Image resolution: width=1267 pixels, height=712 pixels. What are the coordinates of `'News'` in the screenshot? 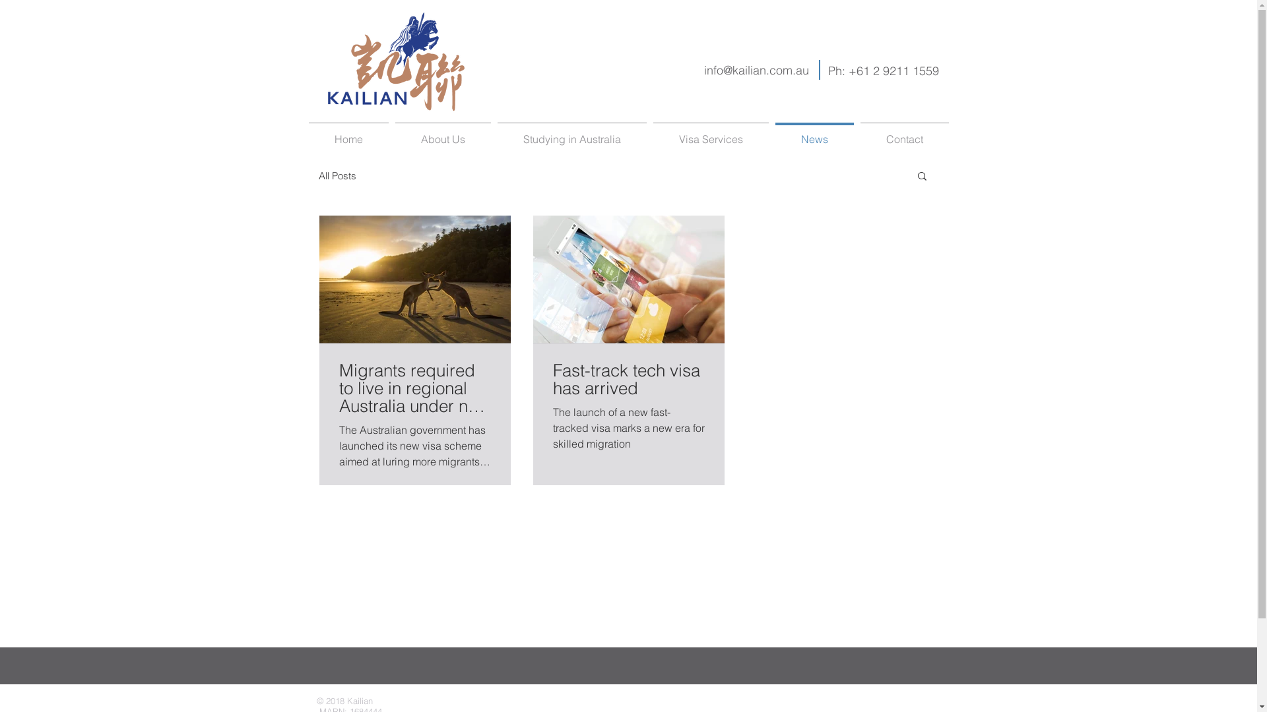 It's located at (814, 133).